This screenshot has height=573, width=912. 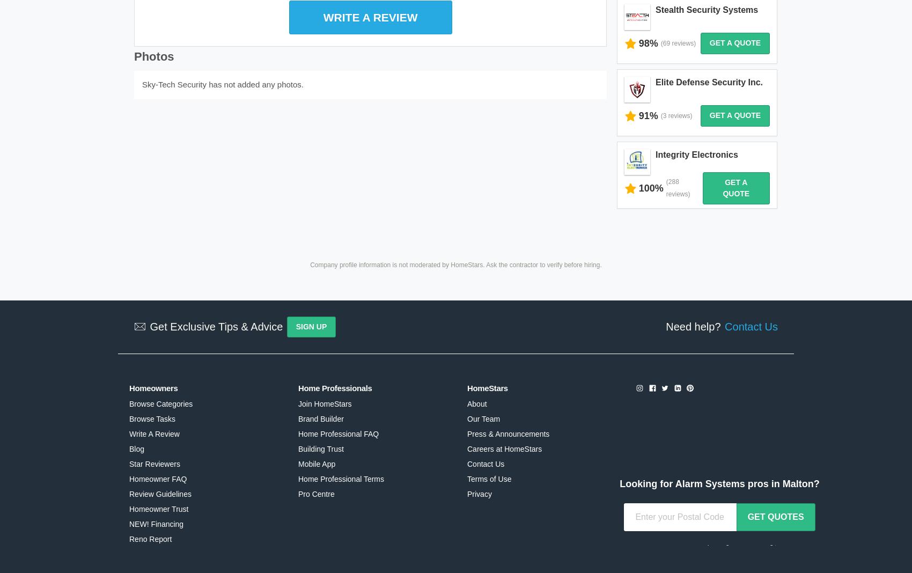 I want to click on 'Homeowners', so click(x=153, y=342).